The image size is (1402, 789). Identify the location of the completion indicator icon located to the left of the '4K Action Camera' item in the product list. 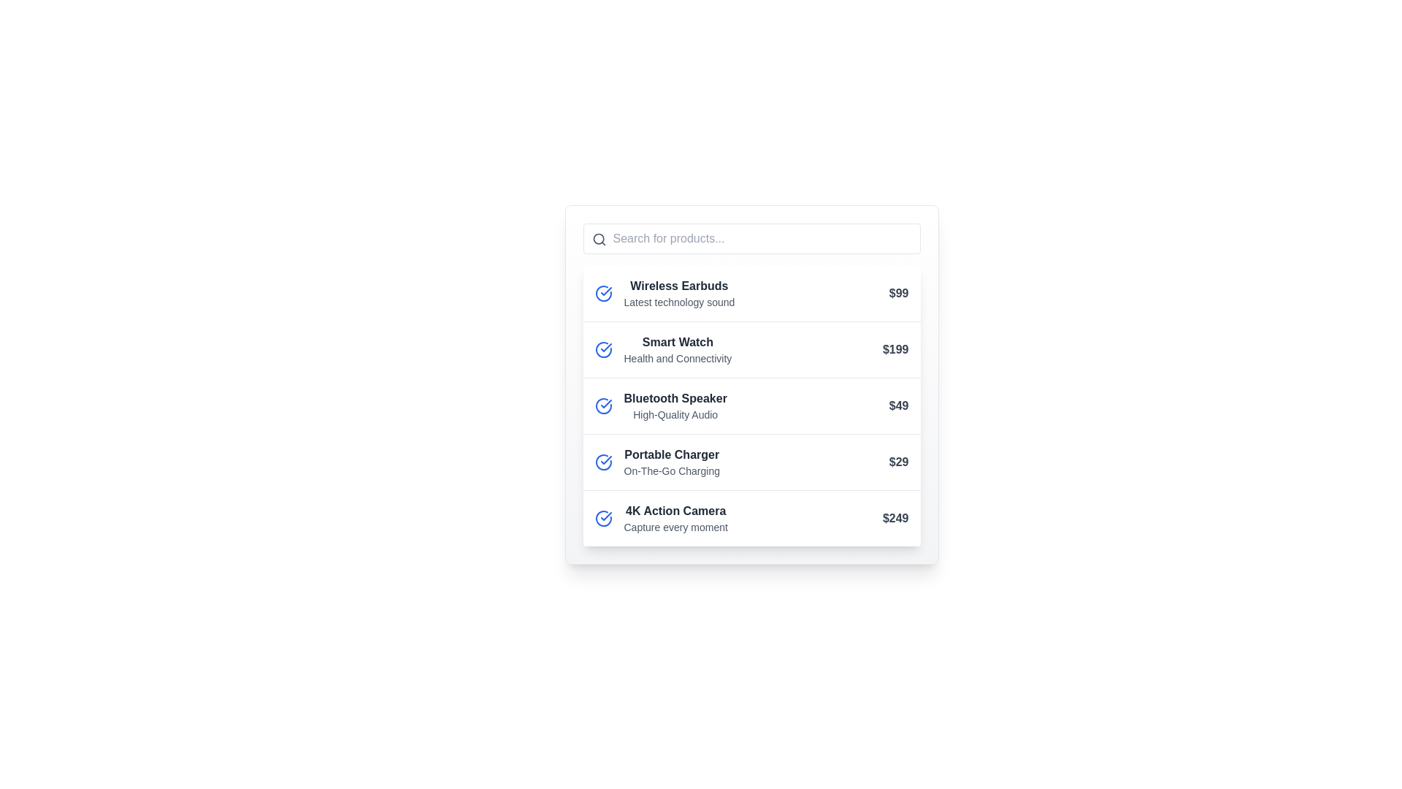
(606, 515).